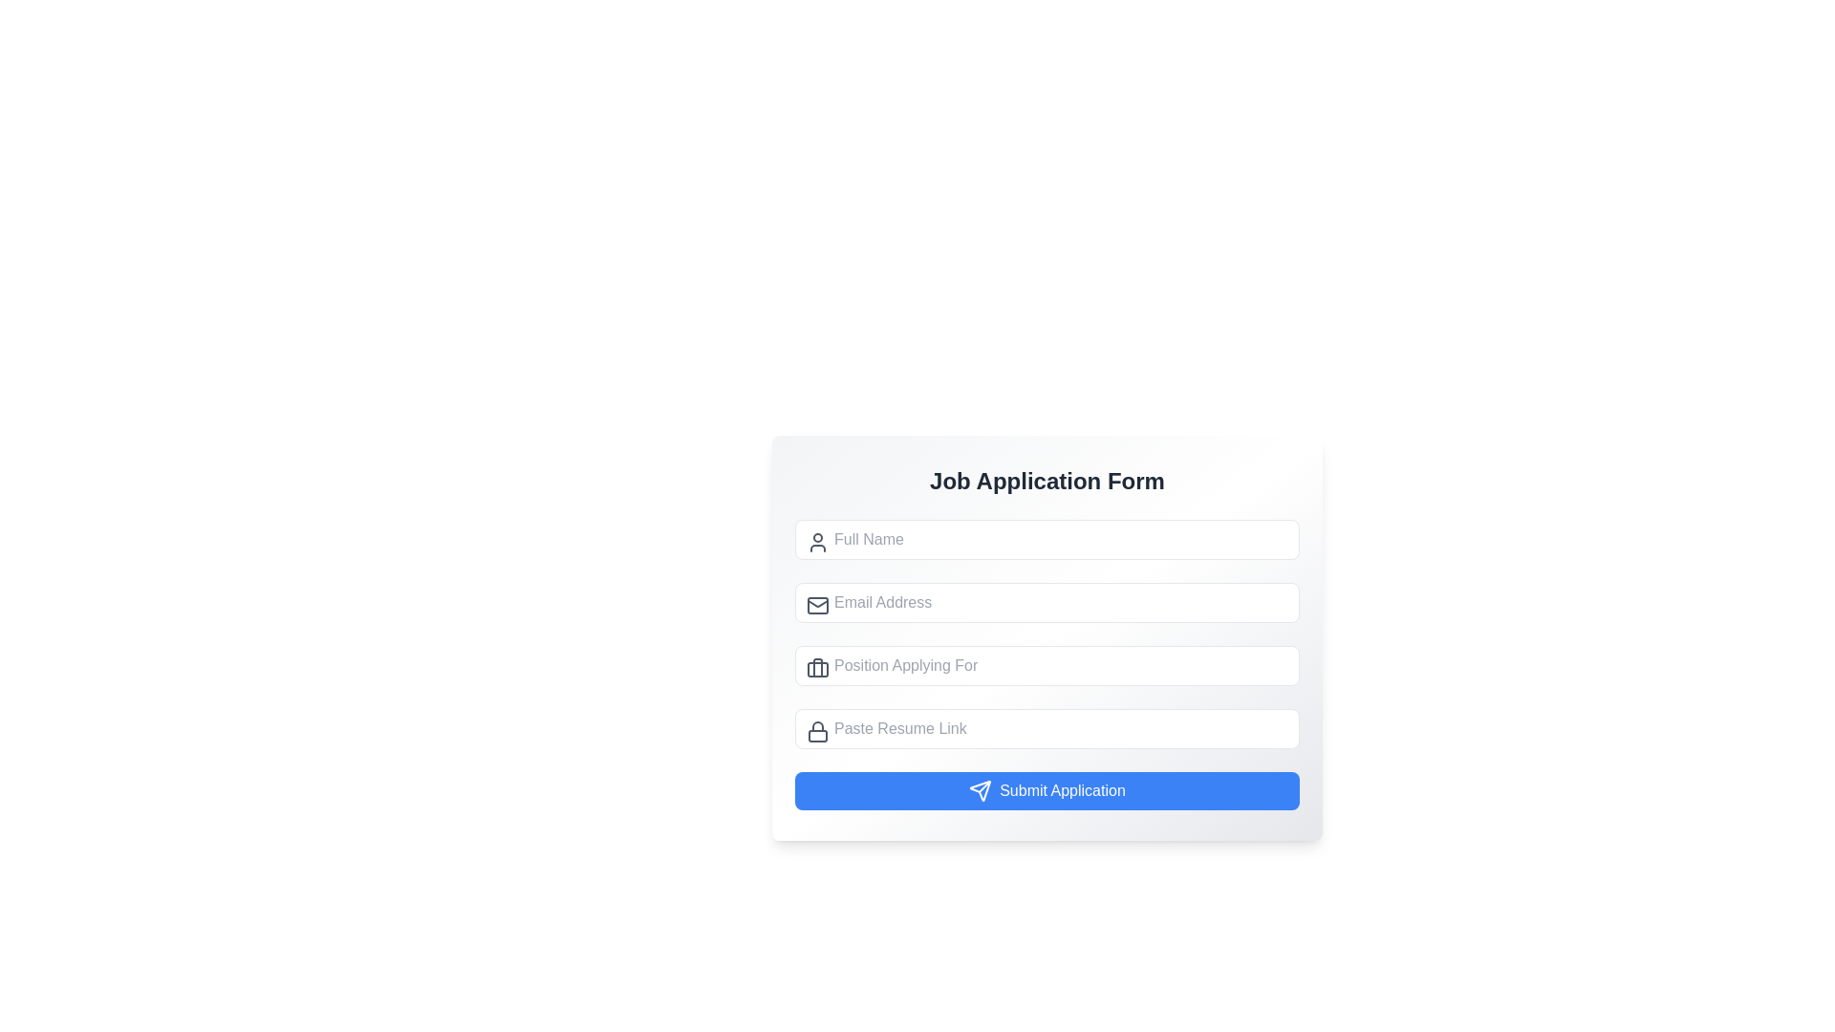  What do you see at coordinates (817, 542) in the screenshot?
I see `the decorative icon located on the left side of the 'Full Name' text input field to indicate that the associated input field is for entering a user's name` at bounding box center [817, 542].